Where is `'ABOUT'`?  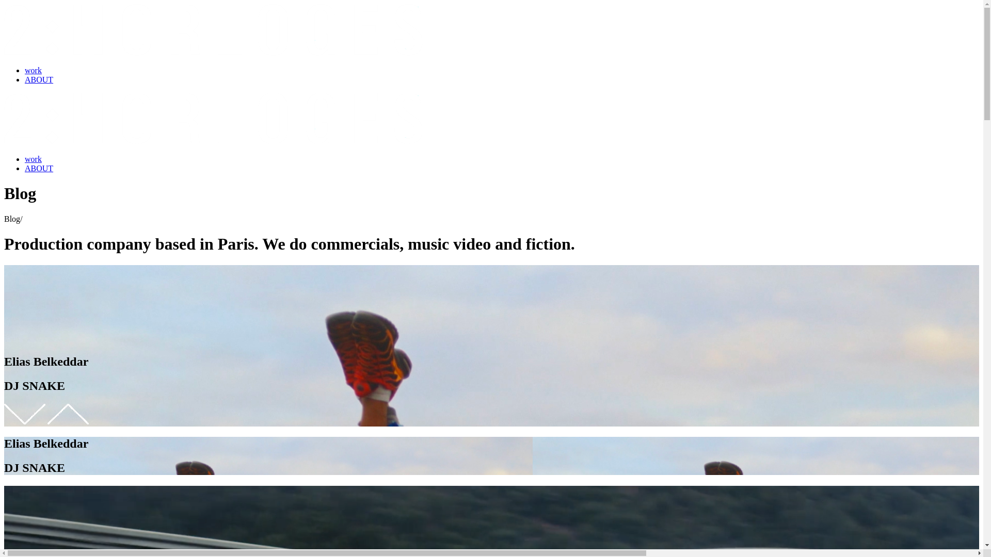
'ABOUT' is located at coordinates (25, 79).